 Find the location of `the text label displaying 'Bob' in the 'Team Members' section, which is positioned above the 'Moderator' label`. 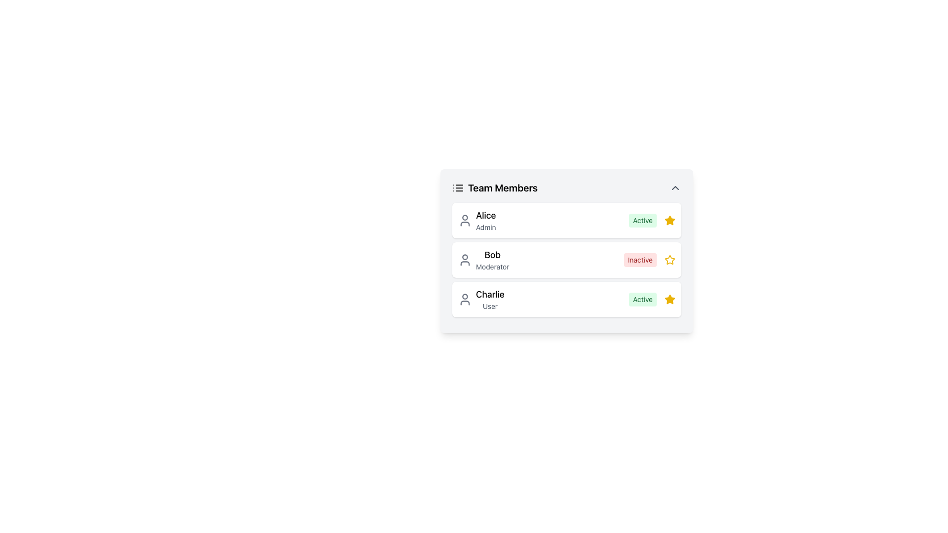

the text label displaying 'Bob' in the 'Team Members' section, which is positioned above the 'Moderator' label is located at coordinates (492, 254).